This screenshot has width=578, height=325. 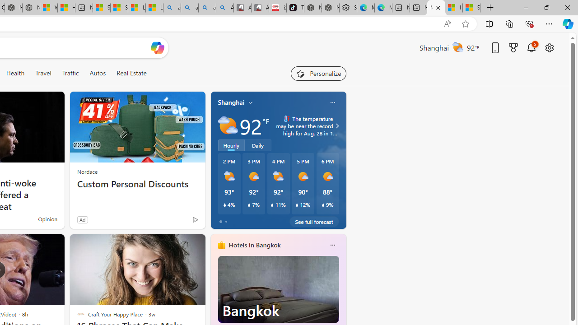 What do you see at coordinates (549, 47) in the screenshot?
I see `'Open settings'` at bounding box center [549, 47].